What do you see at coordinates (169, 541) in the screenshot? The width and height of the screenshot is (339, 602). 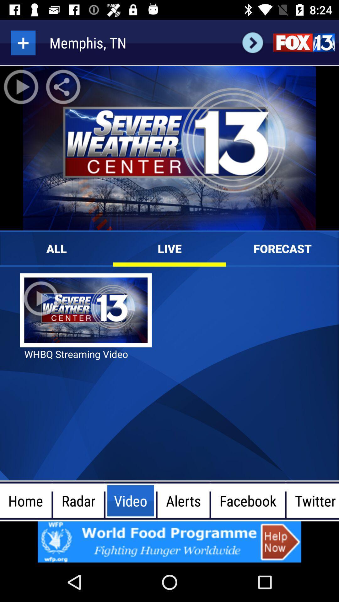 I see `open advertisement` at bounding box center [169, 541].